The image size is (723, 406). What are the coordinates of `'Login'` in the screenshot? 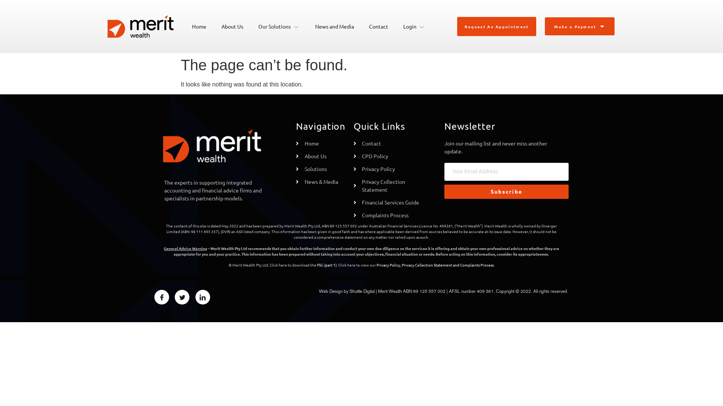 It's located at (414, 26).